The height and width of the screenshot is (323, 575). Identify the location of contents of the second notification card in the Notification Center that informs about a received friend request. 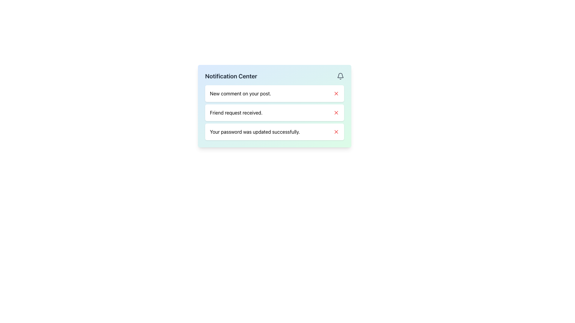
(274, 113).